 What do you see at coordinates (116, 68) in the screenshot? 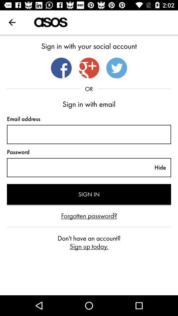
I see `twitter login button` at bounding box center [116, 68].